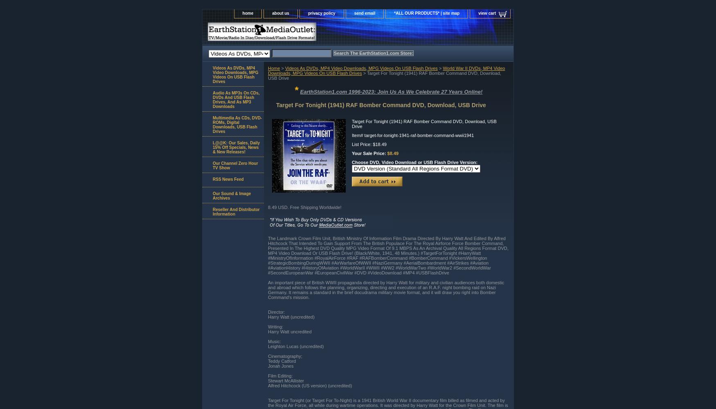 The height and width of the screenshot is (409, 716). What do you see at coordinates (276, 312) in the screenshot?
I see `'Director:'` at bounding box center [276, 312].